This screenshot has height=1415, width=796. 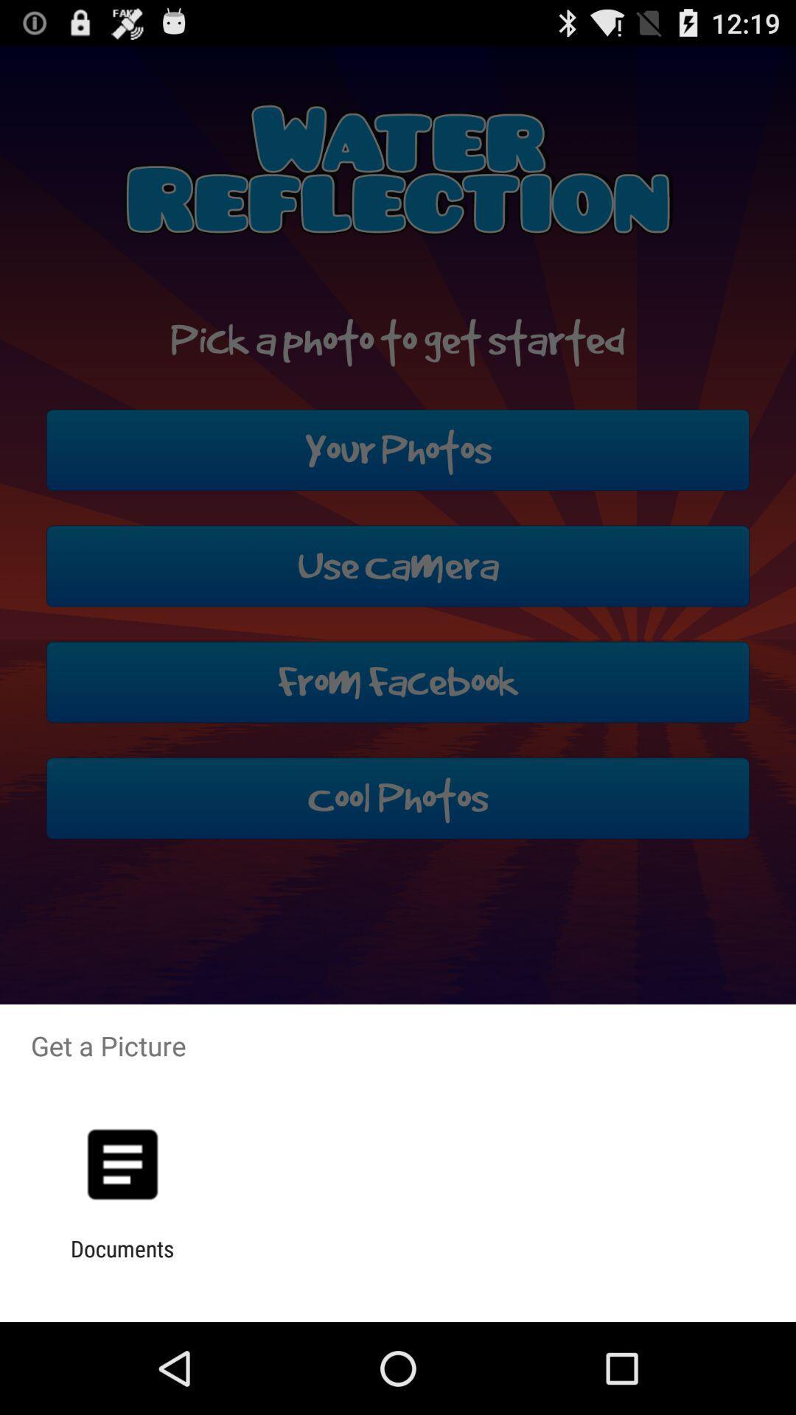 I want to click on documents app, so click(x=122, y=1261).